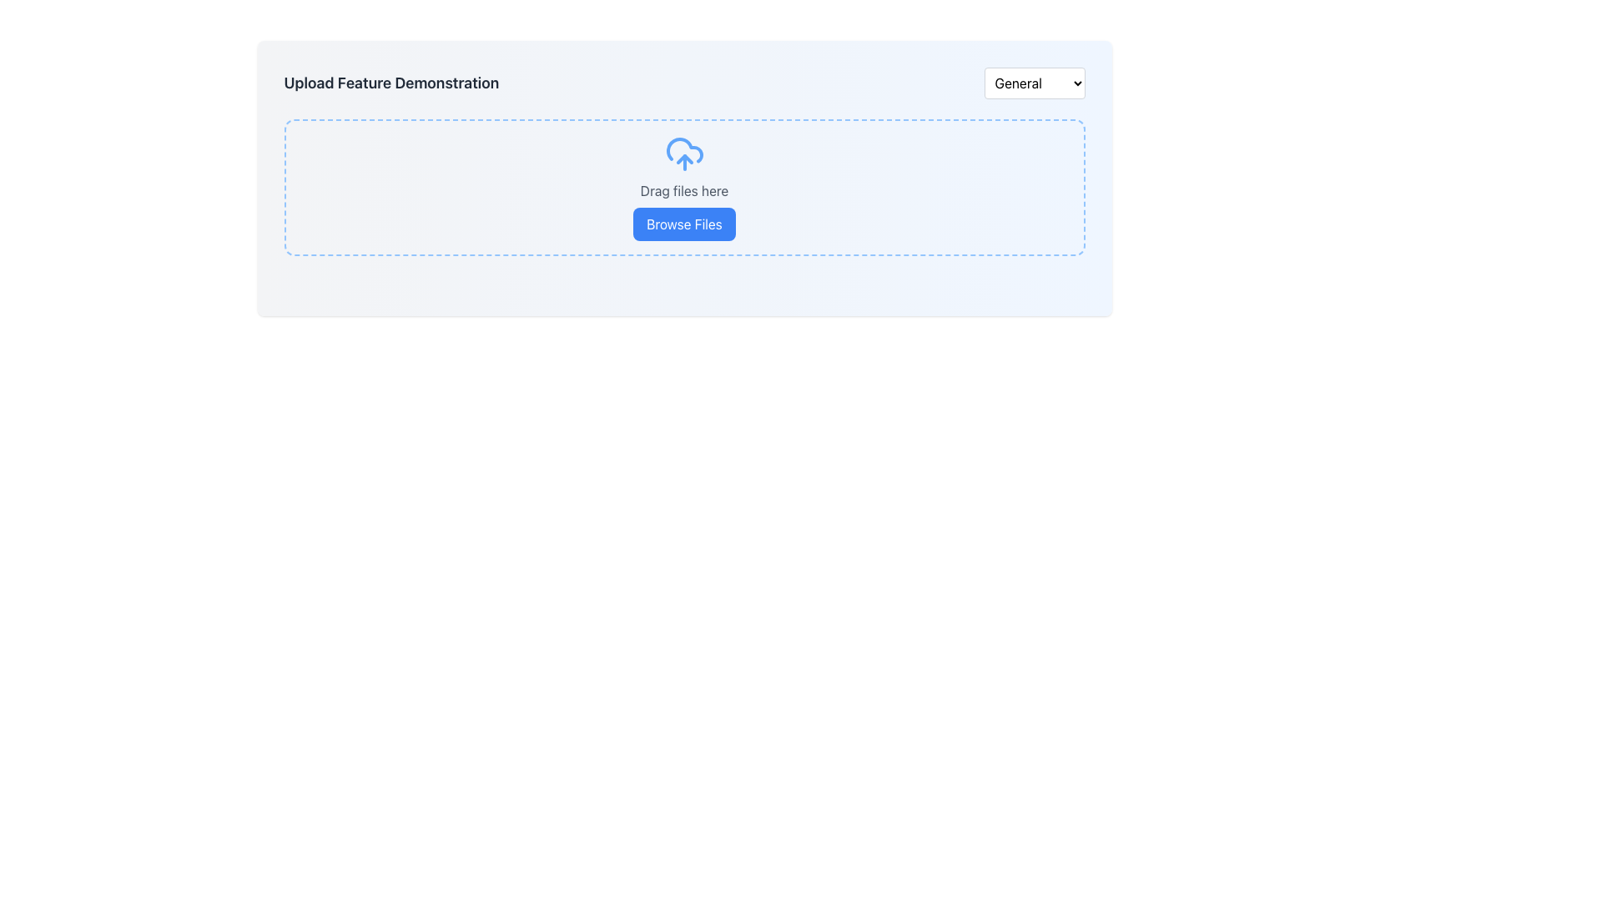  Describe the element at coordinates (684, 187) in the screenshot. I see `the dashed blue border or the 'Drag files here' text of the File Upload Area, which features a cloud icon and a 'Browse Files' button` at that location.